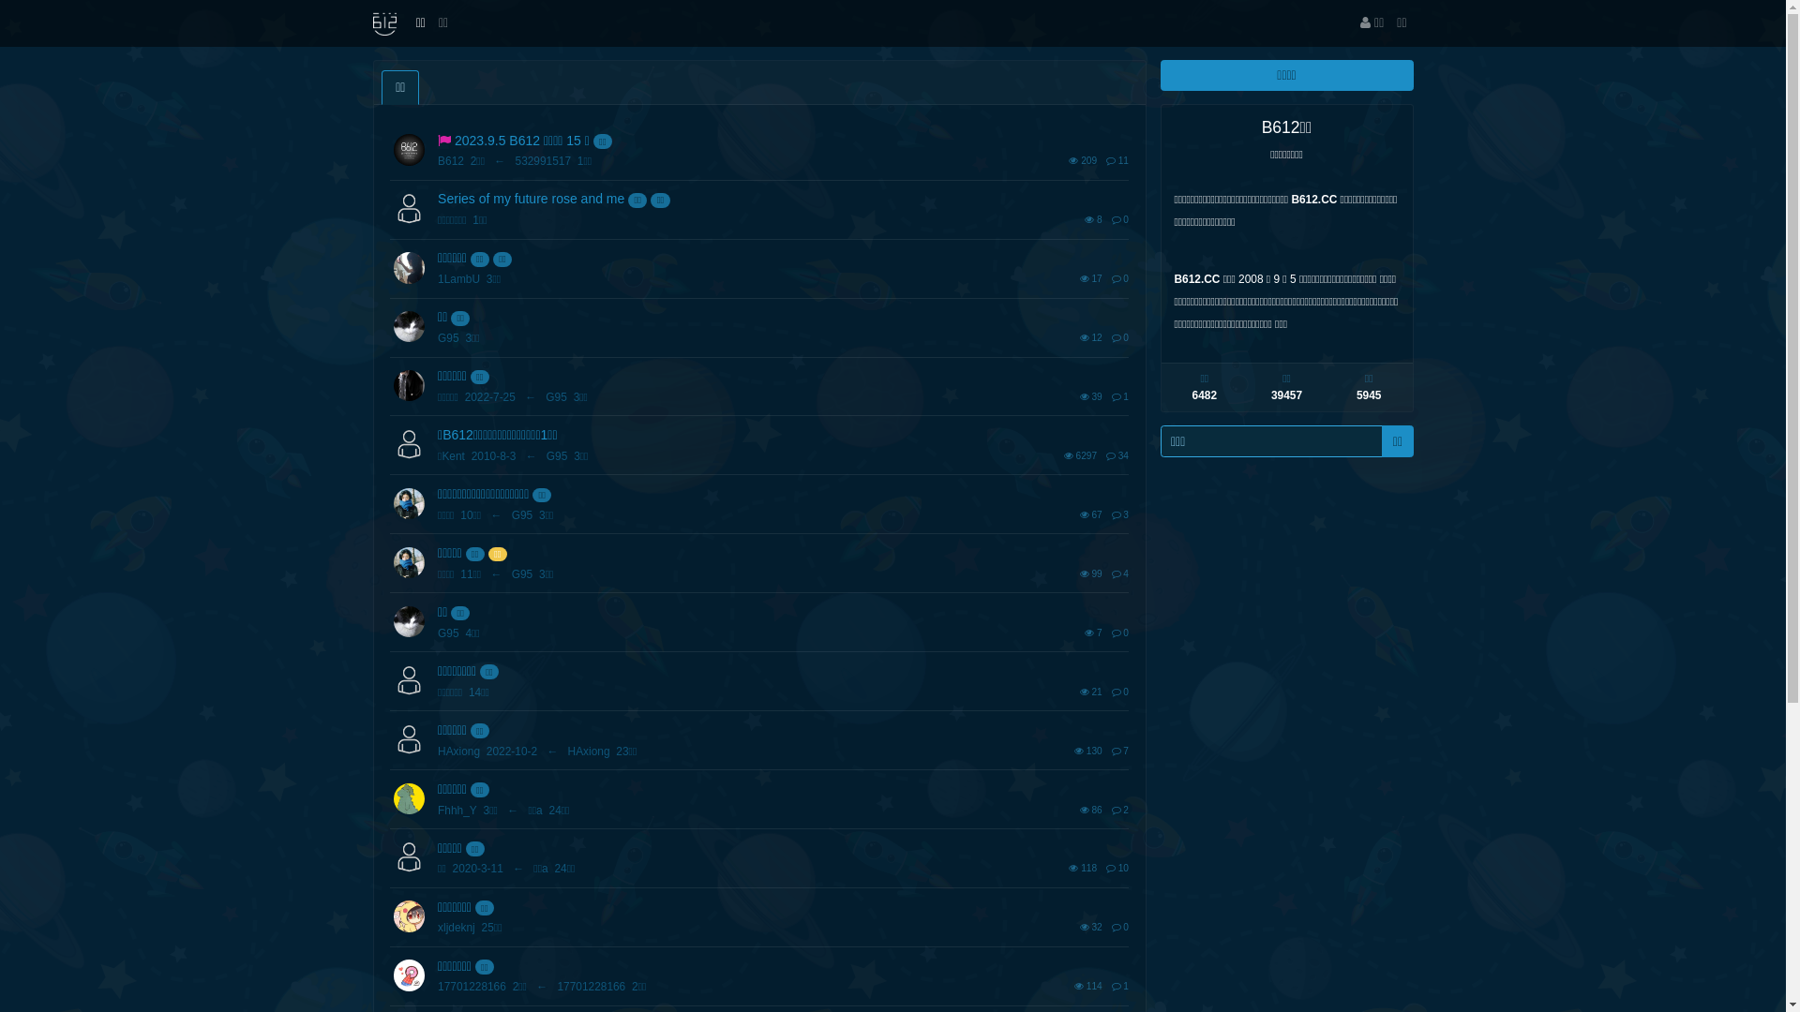 The height and width of the screenshot is (1012, 1800). I want to click on 'Series of my future rose and me', so click(530, 199).